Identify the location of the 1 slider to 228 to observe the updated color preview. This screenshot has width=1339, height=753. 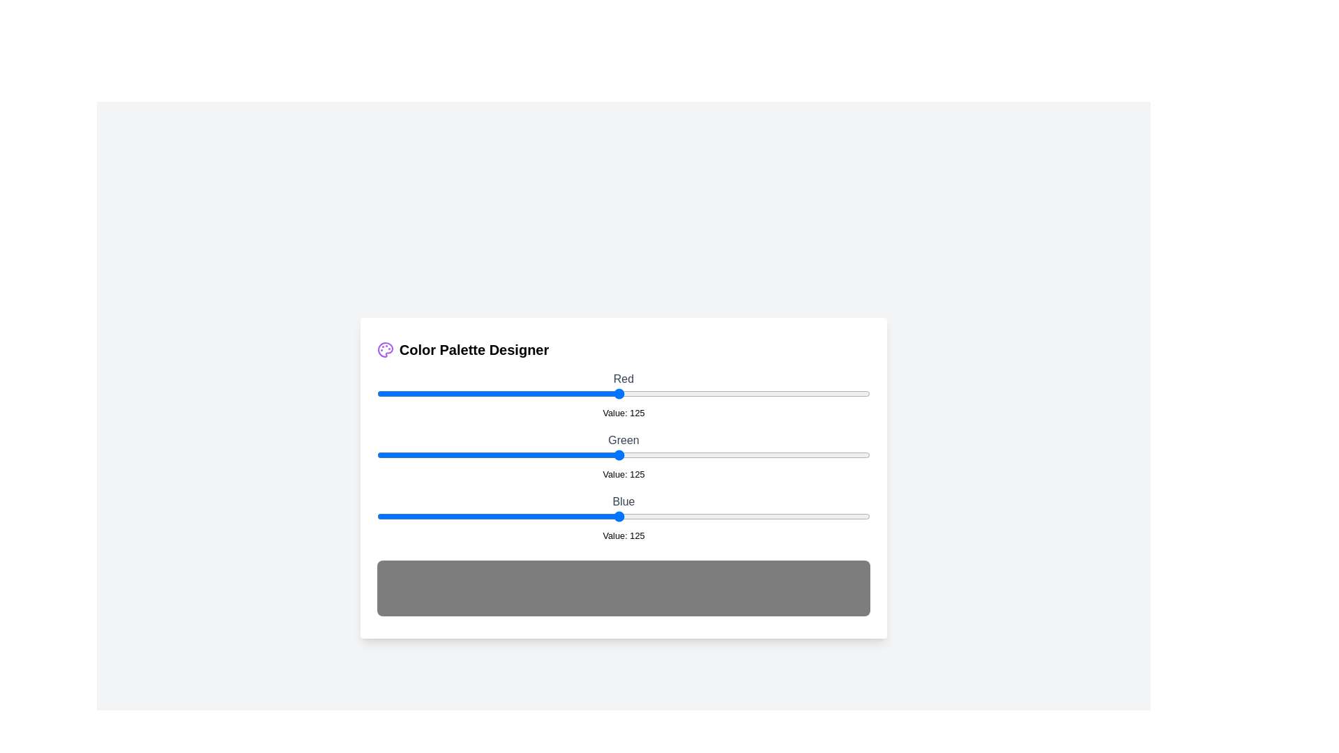
(818, 455).